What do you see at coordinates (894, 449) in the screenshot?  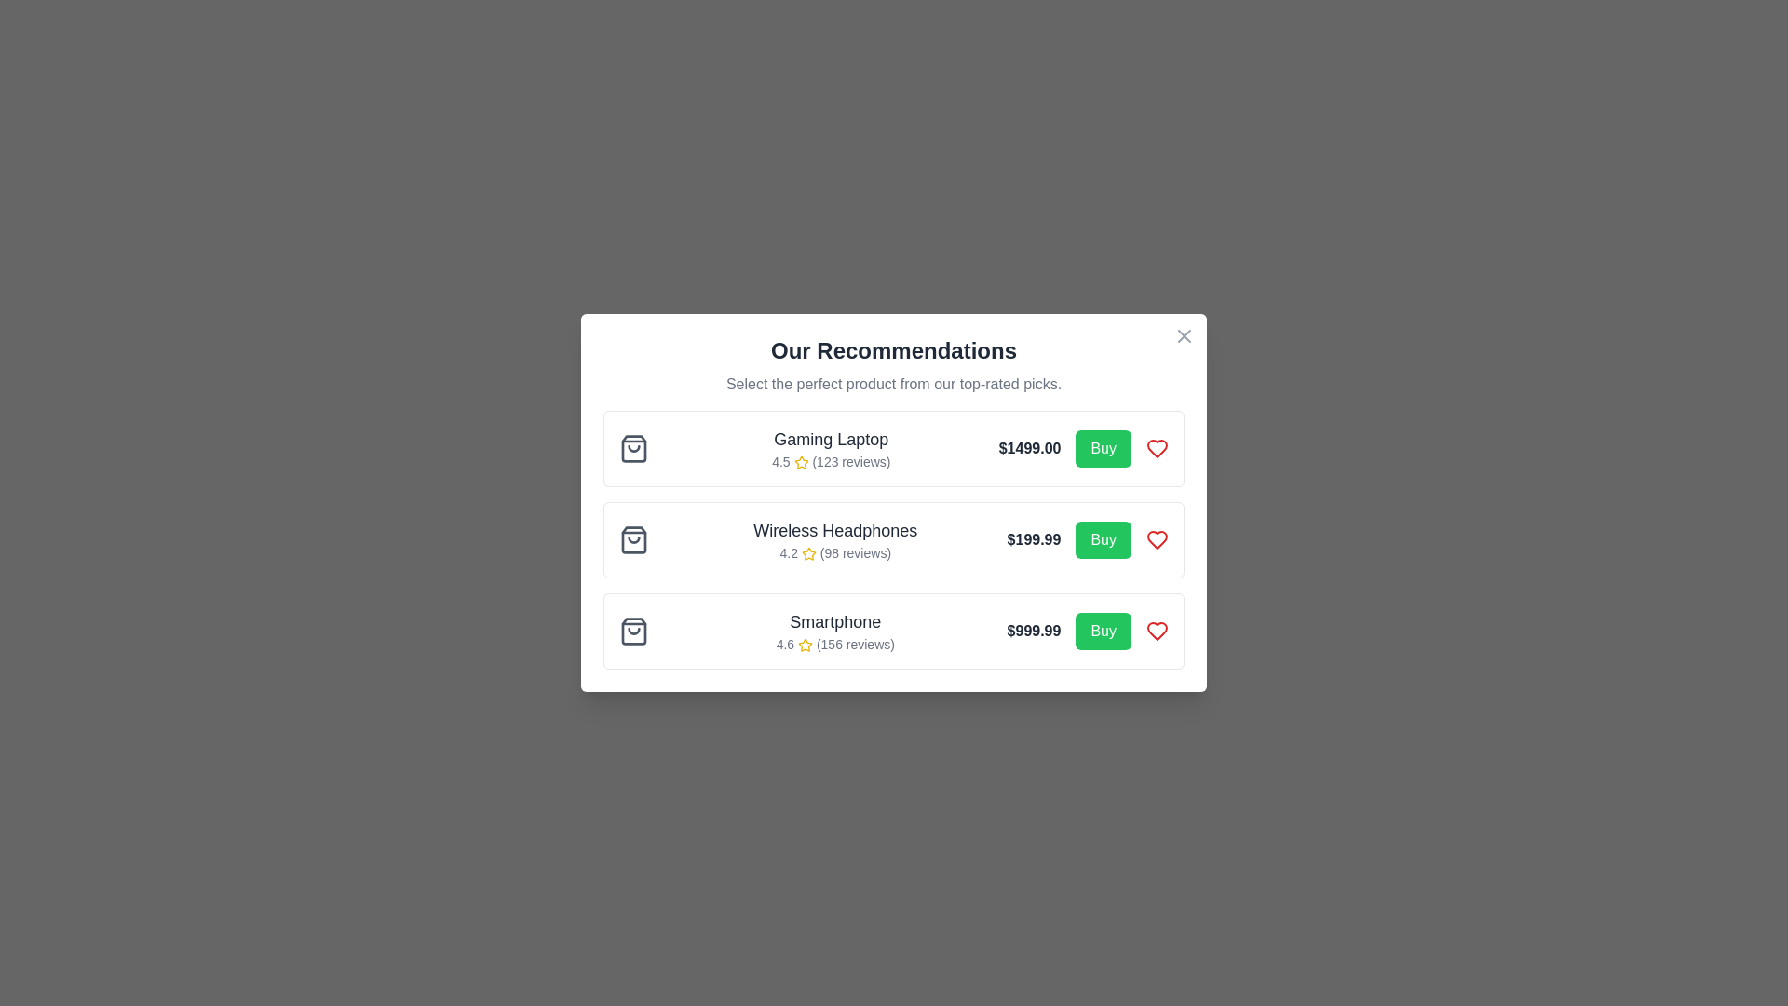 I see `the product card at the top of the list of recommendations in the modal window` at bounding box center [894, 449].